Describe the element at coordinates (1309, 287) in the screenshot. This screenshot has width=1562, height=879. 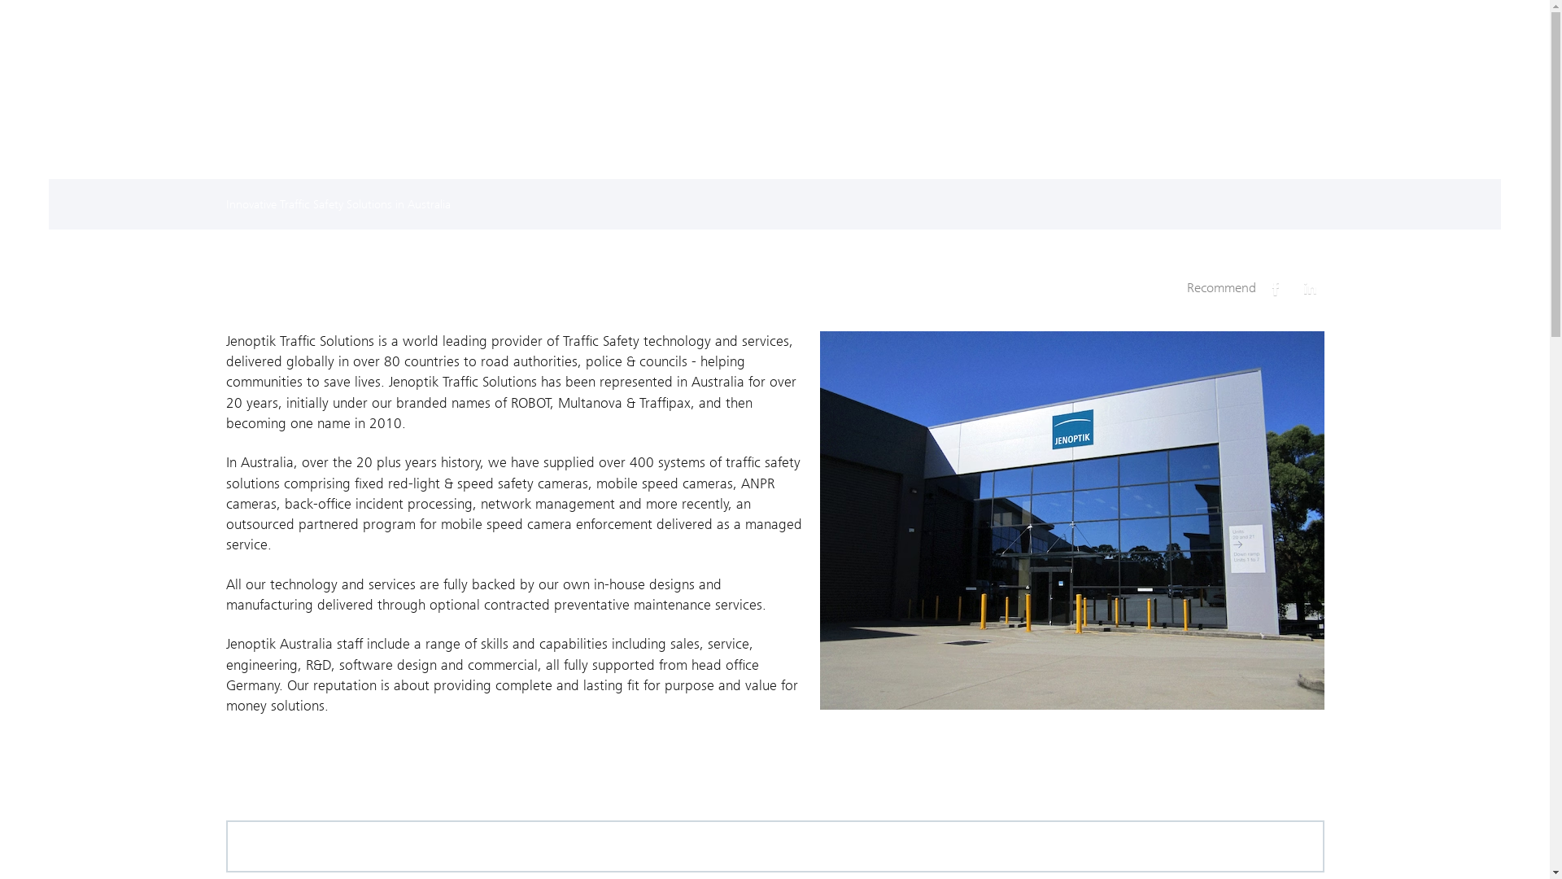
I see `'LinkedIn'` at that location.